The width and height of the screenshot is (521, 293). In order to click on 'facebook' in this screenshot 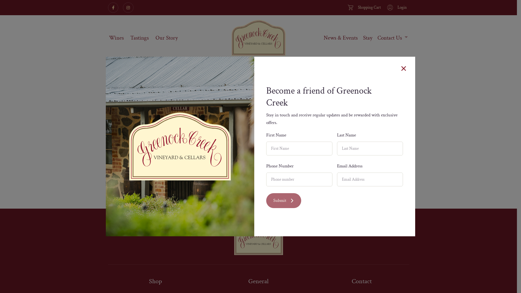, I will do `click(113, 7)`.